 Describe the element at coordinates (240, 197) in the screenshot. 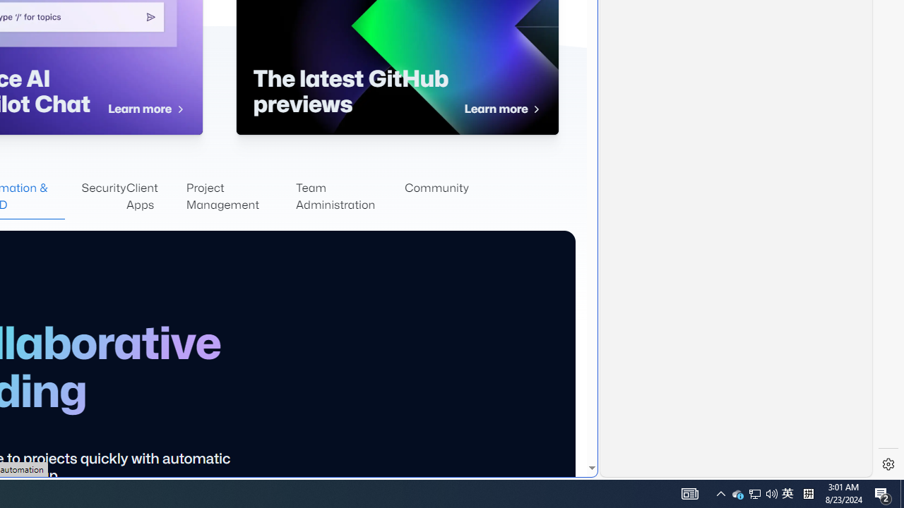

I see `'Project Management'` at that location.